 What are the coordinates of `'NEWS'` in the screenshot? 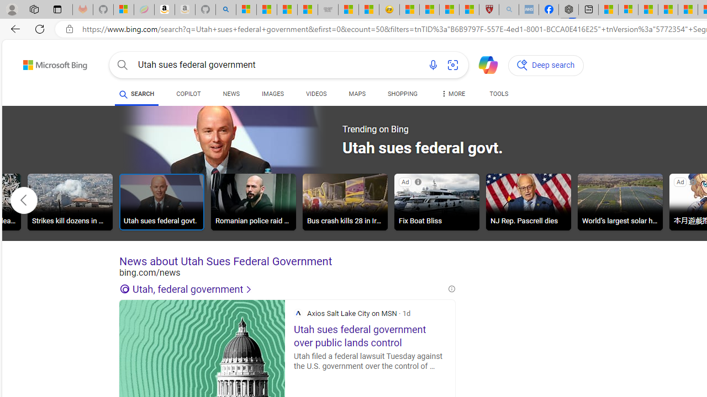 It's located at (230, 95).